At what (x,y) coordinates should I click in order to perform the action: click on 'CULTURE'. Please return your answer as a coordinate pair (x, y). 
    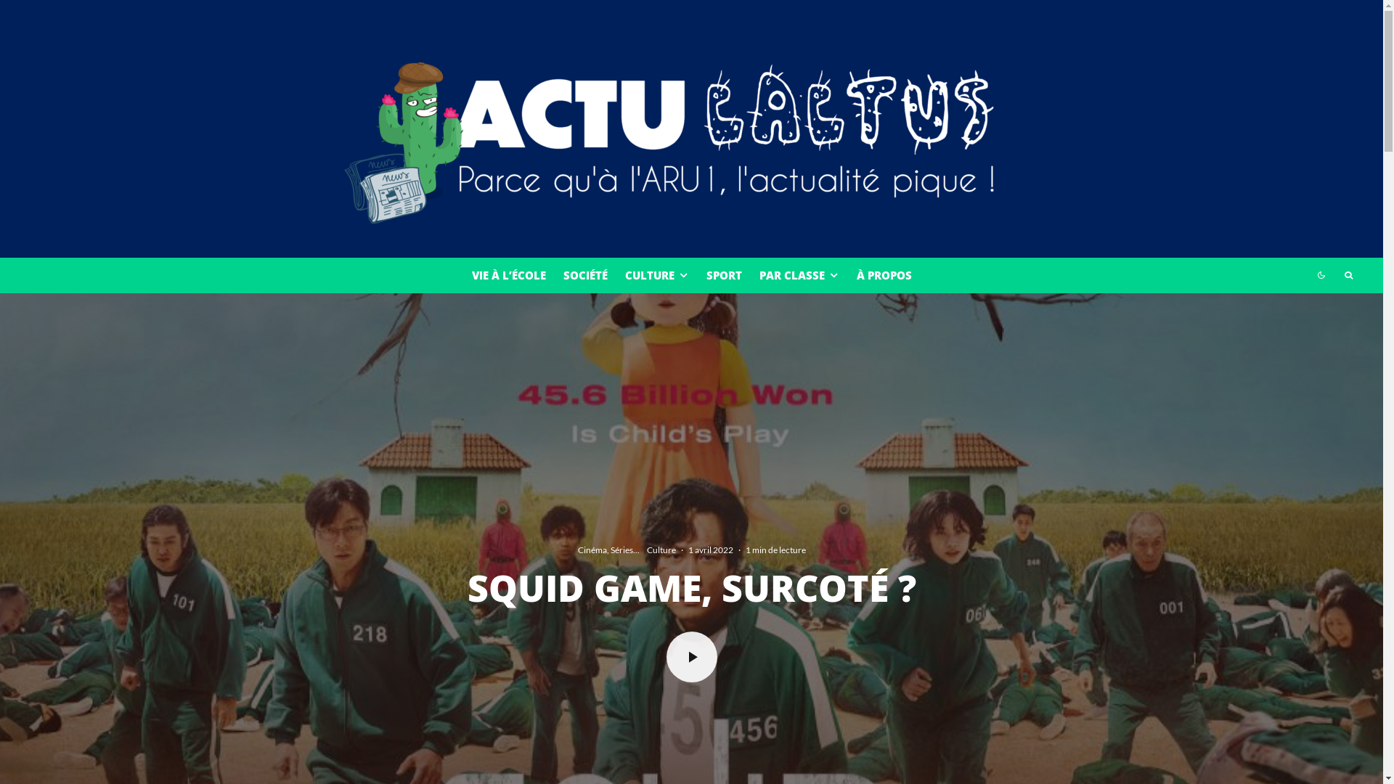
    Looking at the image, I should click on (655, 275).